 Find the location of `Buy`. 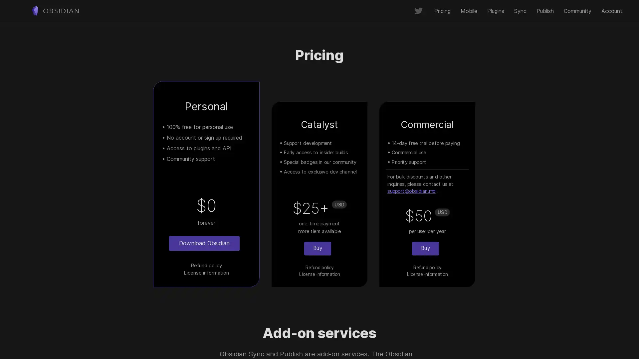

Buy is located at coordinates (317, 248).